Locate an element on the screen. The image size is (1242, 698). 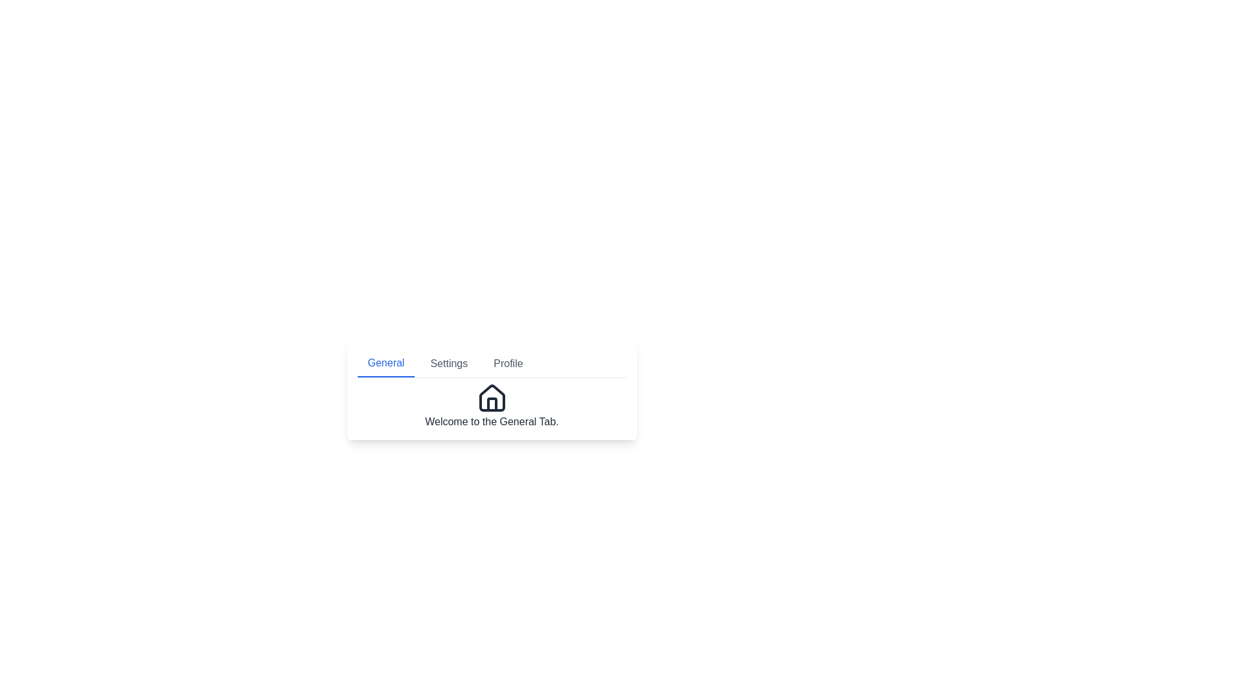
the 'General' tab, which is the first tab in a tab list styled with blue text and a blue bottom border, to switch to the General section is located at coordinates (385, 364).